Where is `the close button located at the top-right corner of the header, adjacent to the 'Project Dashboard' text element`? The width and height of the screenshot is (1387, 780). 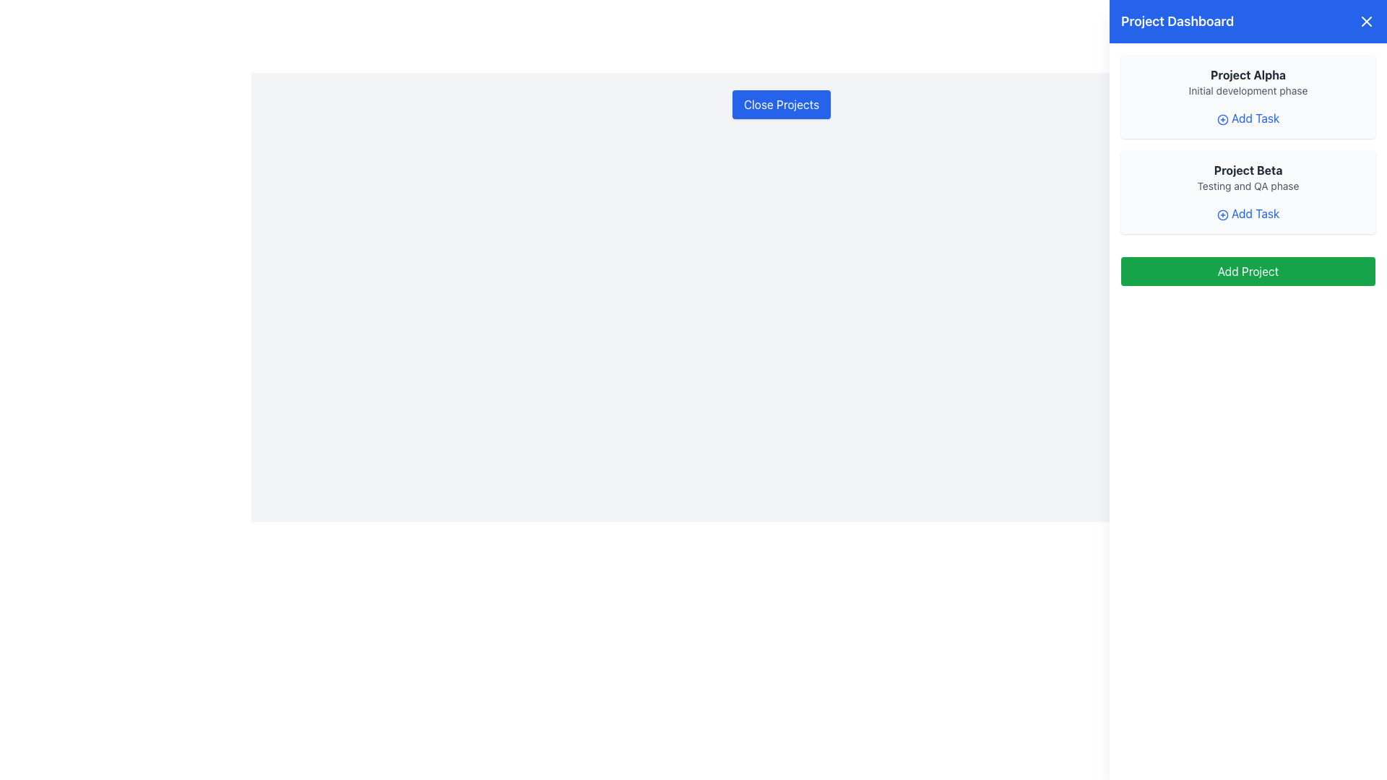 the close button located at the top-right corner of the header, adjacent to the 'Project Dashboard' text element is located at coordinates (1365, 22).